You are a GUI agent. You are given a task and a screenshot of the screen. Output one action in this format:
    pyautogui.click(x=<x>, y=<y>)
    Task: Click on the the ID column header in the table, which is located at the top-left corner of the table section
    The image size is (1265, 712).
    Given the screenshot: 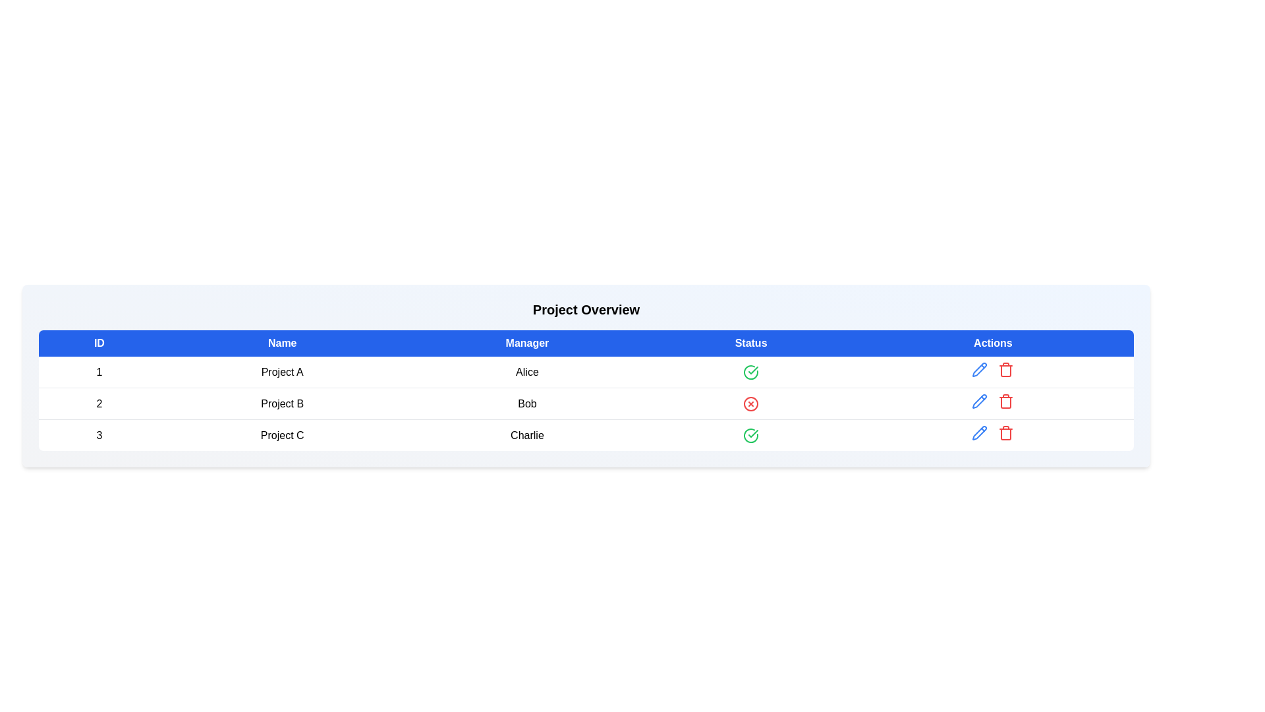 What is the action you would take?
    pyautogui.click(x=98, y=342)
    